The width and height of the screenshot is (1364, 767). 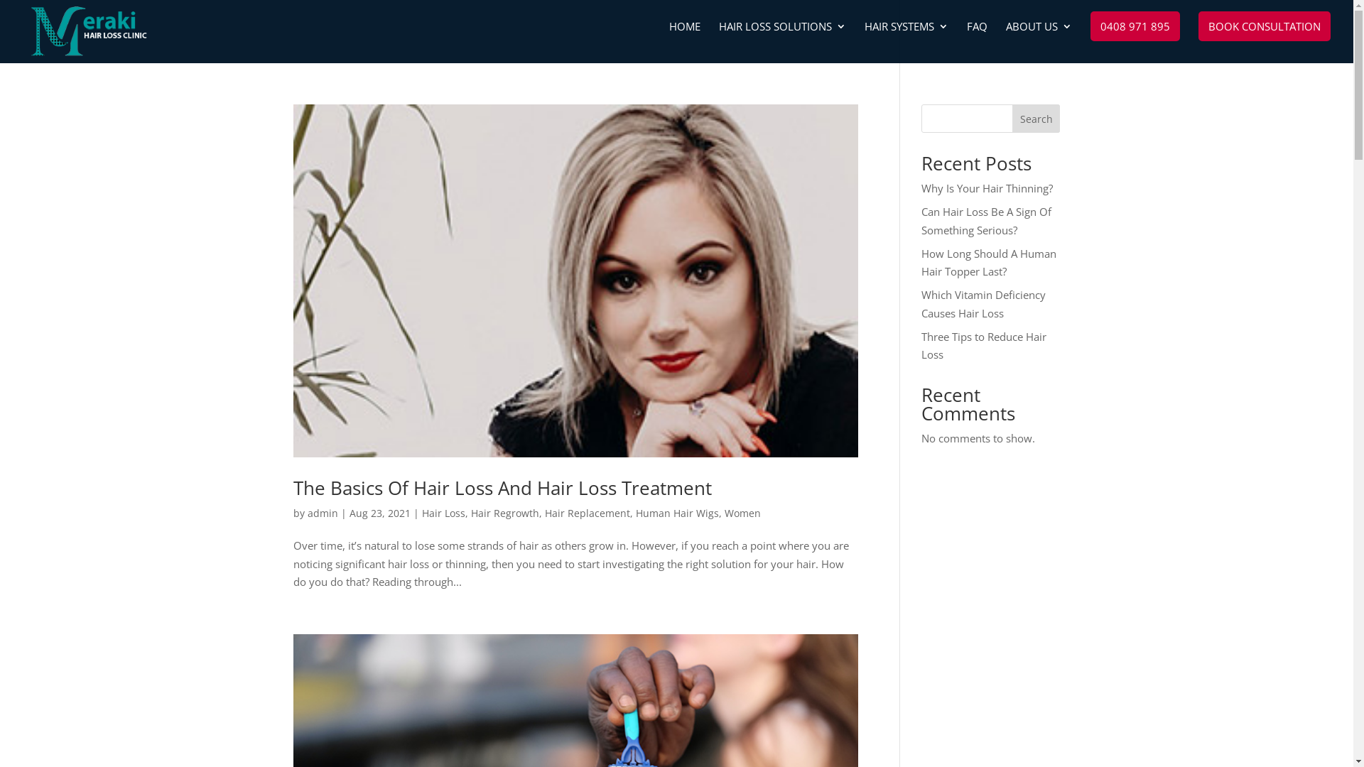 What do you see at coordinates (983, 303) in the screenshot?
I see `'Which Vitamin Deficiency Causes Hair Loss'` at bounding box center [983, 303].